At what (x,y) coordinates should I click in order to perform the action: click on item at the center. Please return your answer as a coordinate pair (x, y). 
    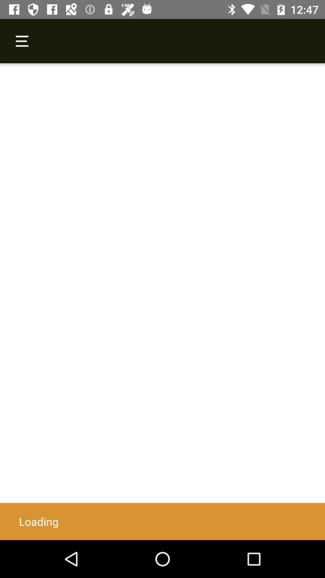
    Looking at the image, I should click on (162, 302).